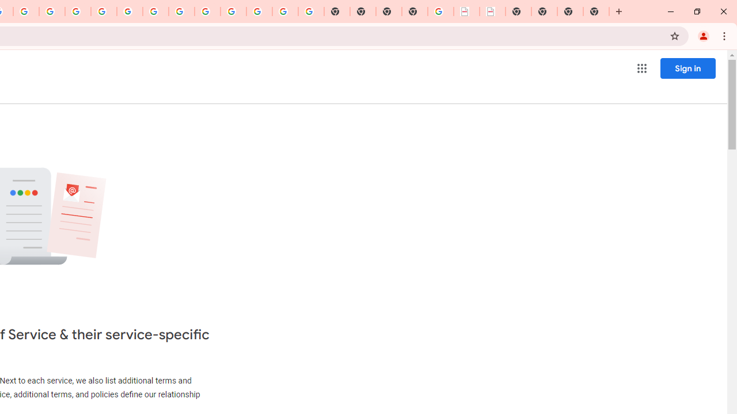  What do you see at coordinates (492, 11) in the screenshot?
I see `'BAE Systems Brasil | BAE Systems'` at bounding box center [492, 11].